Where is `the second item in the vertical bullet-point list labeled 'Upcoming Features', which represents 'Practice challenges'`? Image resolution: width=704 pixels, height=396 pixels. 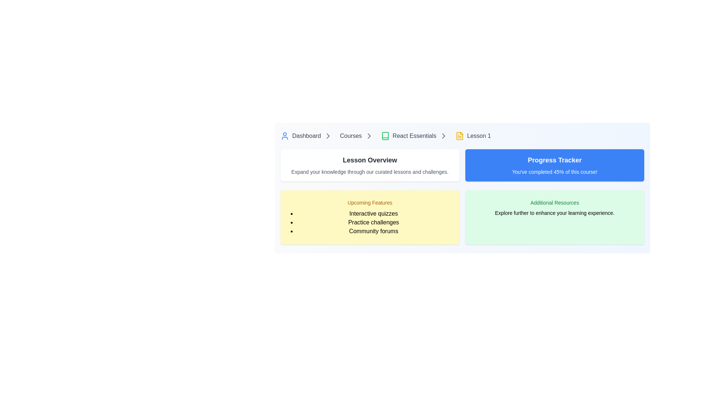 the second item in the vertical bullet-point list labeled 'Upcoming Features', which represents 'Practice challenges' is located at coordinates (373, 222).